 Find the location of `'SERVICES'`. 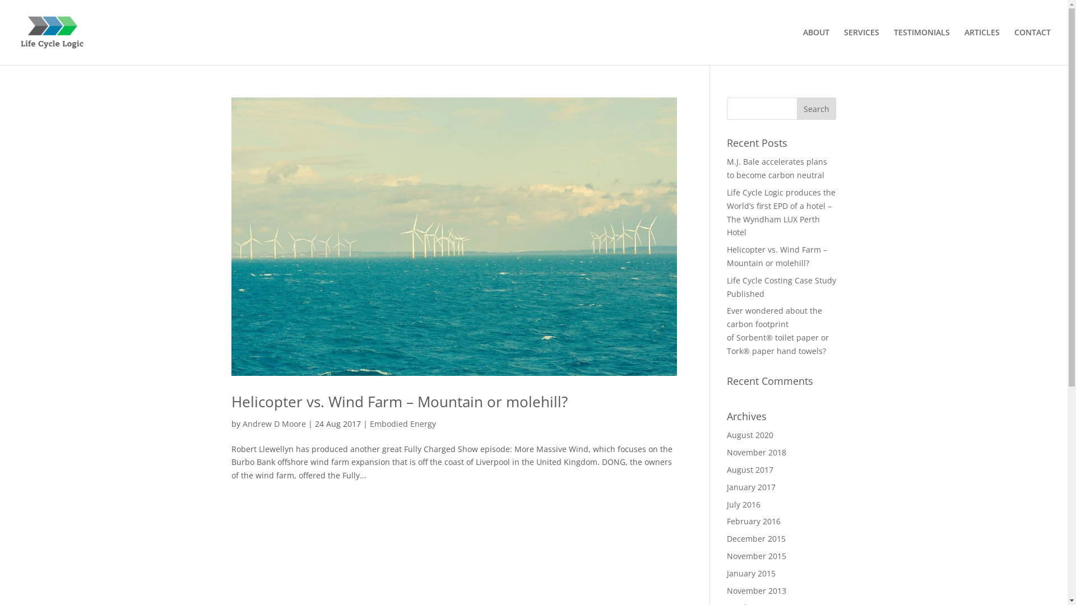

'SERVICES' is located at coordinates (844, 46).